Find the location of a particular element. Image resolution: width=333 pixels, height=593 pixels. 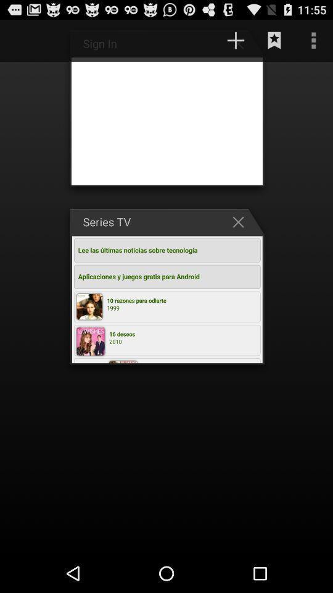

http www javamovil item is located at coordinates (184, 40).